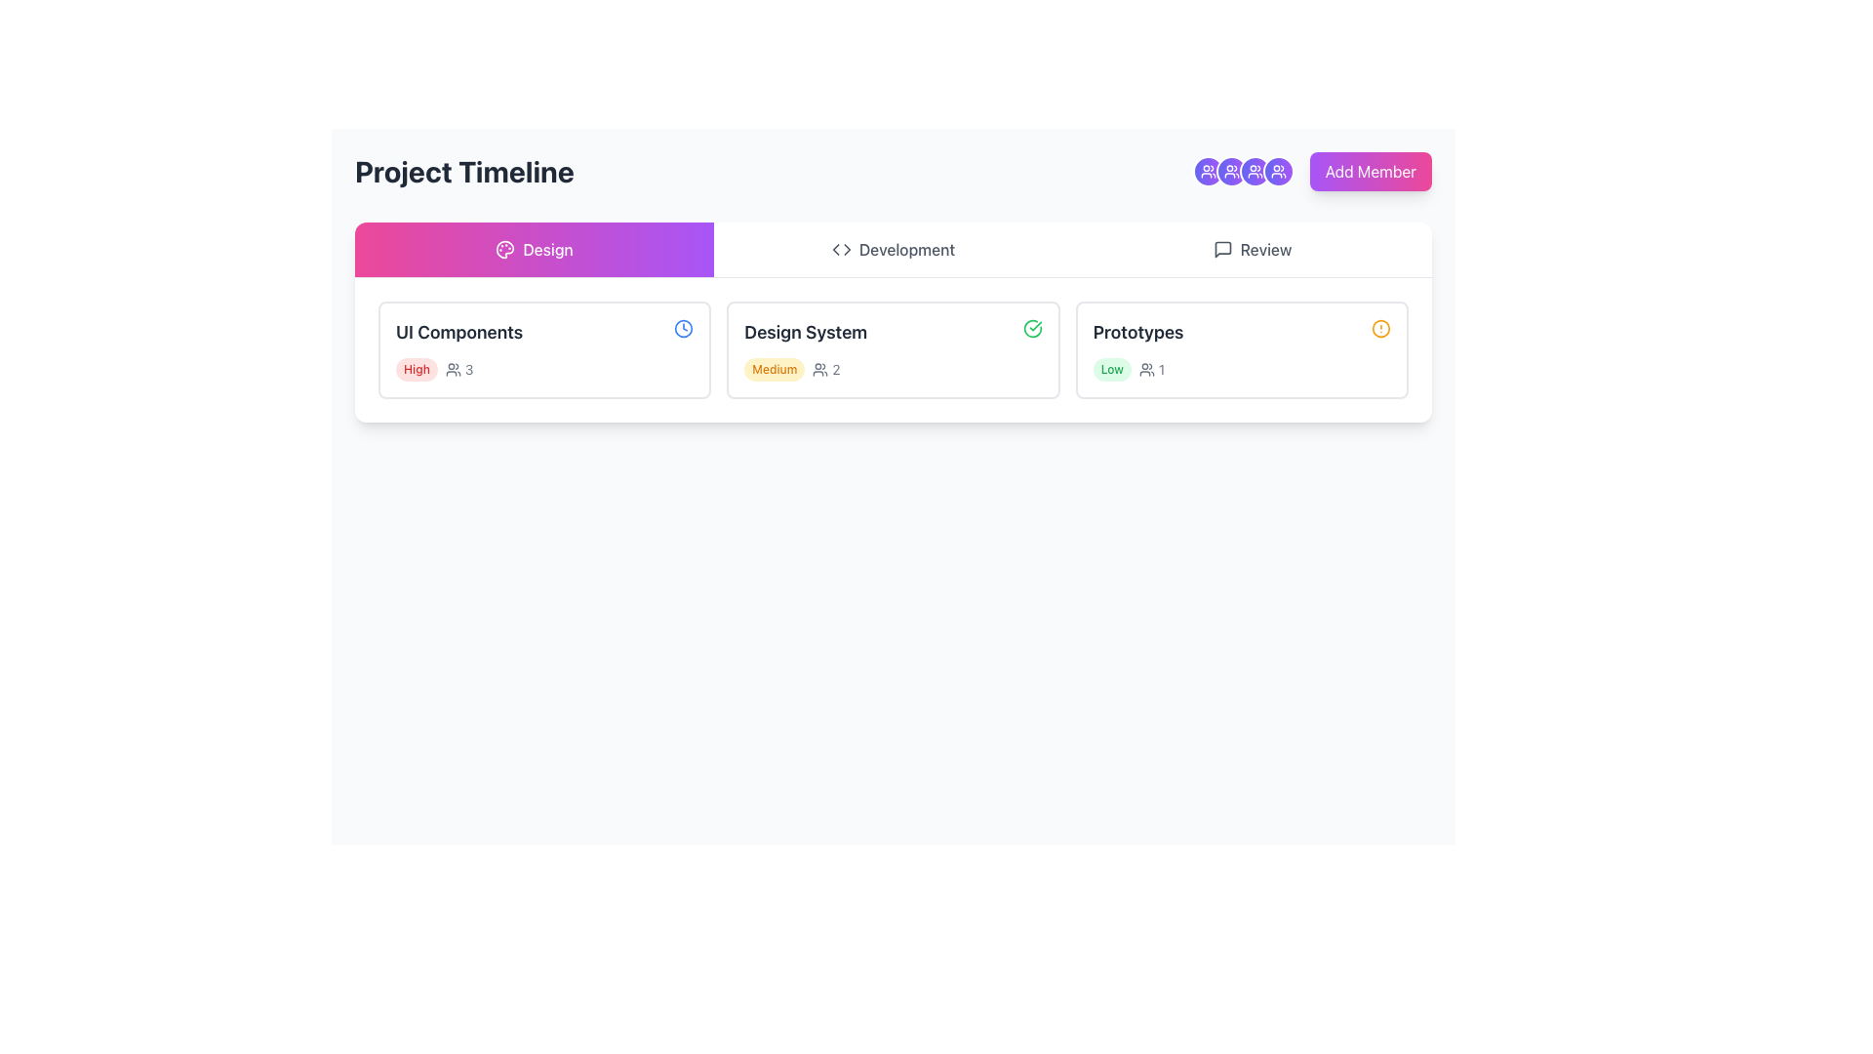 This screenshot has width=1873, height=1054. I want to click on the Text with icon component that displays the number '2' representing team members in the 'Design System' card, located in the 'Project Timeline' section, to the right of the 'Medium' priority label, so click(826, 369).